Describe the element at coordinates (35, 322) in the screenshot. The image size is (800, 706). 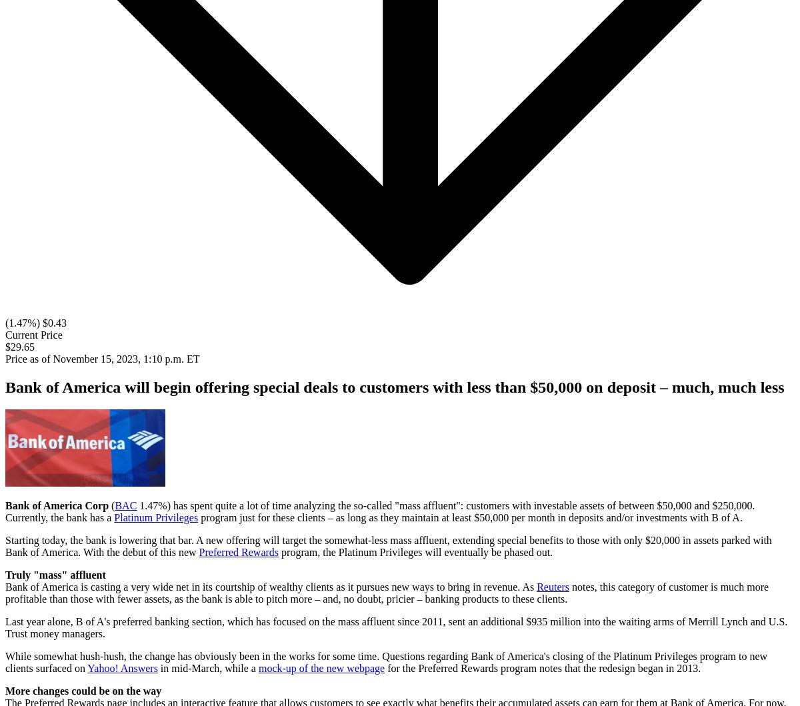
I see `'(1.47%) $0.43'` at that location.